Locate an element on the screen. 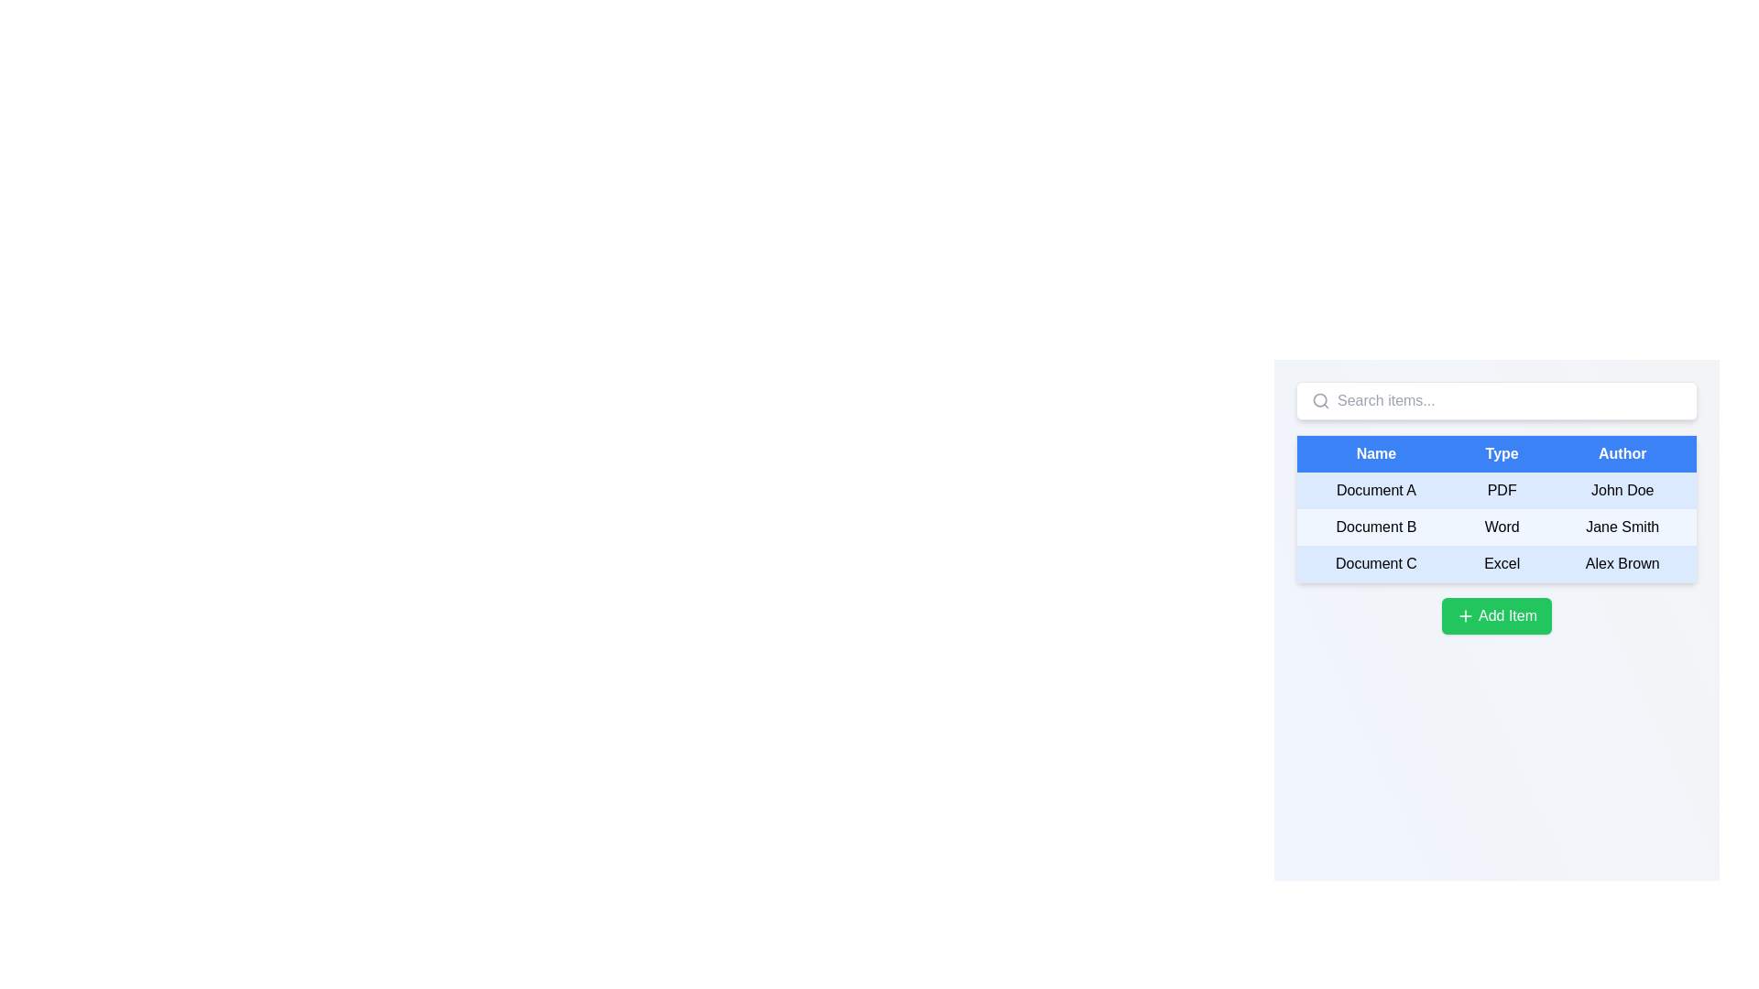 This screenshot has height=989, width=1759. the text label displaying 'Type' in bold white font, which is centered within a blue background and positioned between the labels 'Name' and 'Author' at the top of the table is located at coordinates (1502, 453).